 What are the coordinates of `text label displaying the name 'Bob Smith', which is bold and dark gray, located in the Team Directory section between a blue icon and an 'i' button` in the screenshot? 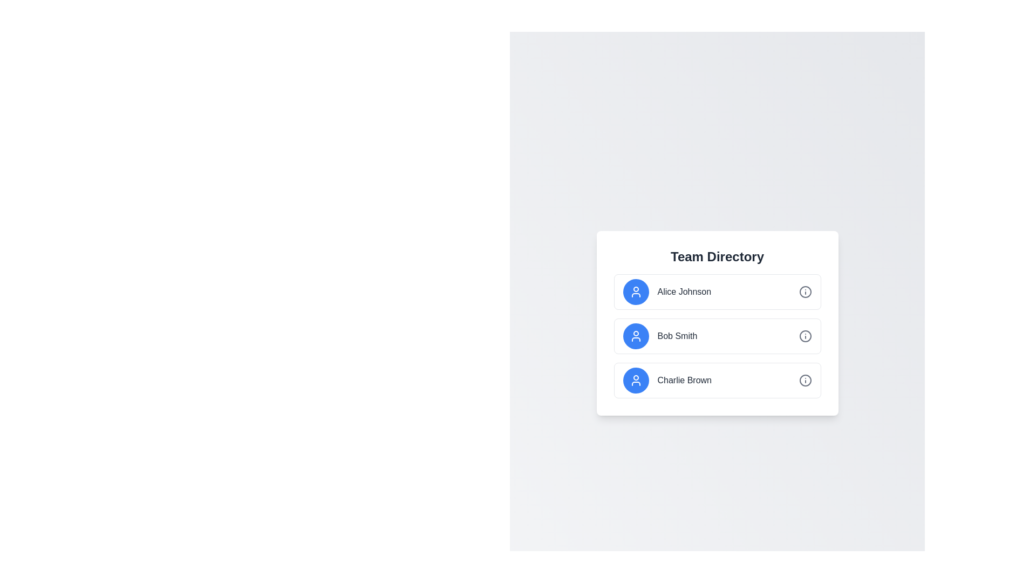 It's located at (677, 336).